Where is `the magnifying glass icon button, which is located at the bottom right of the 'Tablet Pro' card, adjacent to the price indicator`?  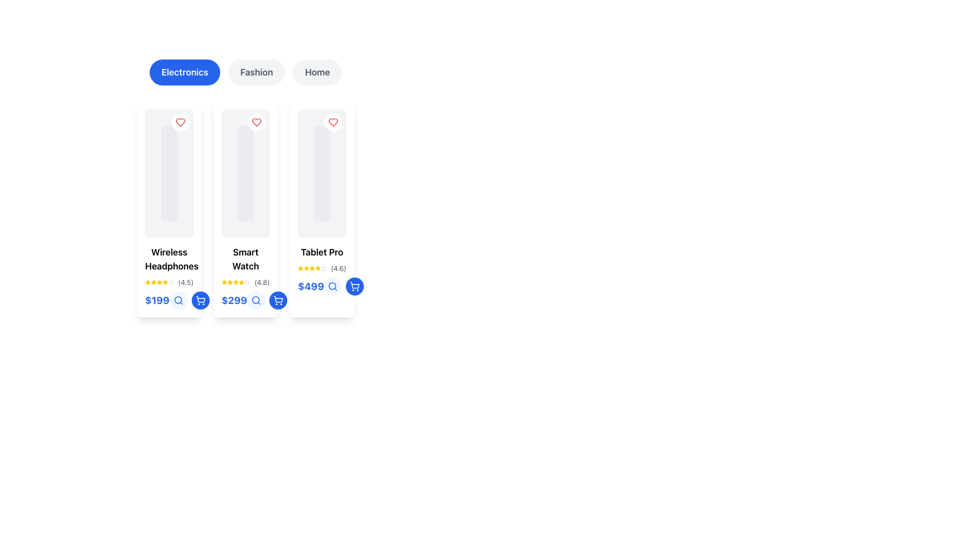 the magnifying glass icon button, which is located at the bottom right of the 'Tablet Pro' card, adjacent to the price indicator is located at coordinates (333, 286).